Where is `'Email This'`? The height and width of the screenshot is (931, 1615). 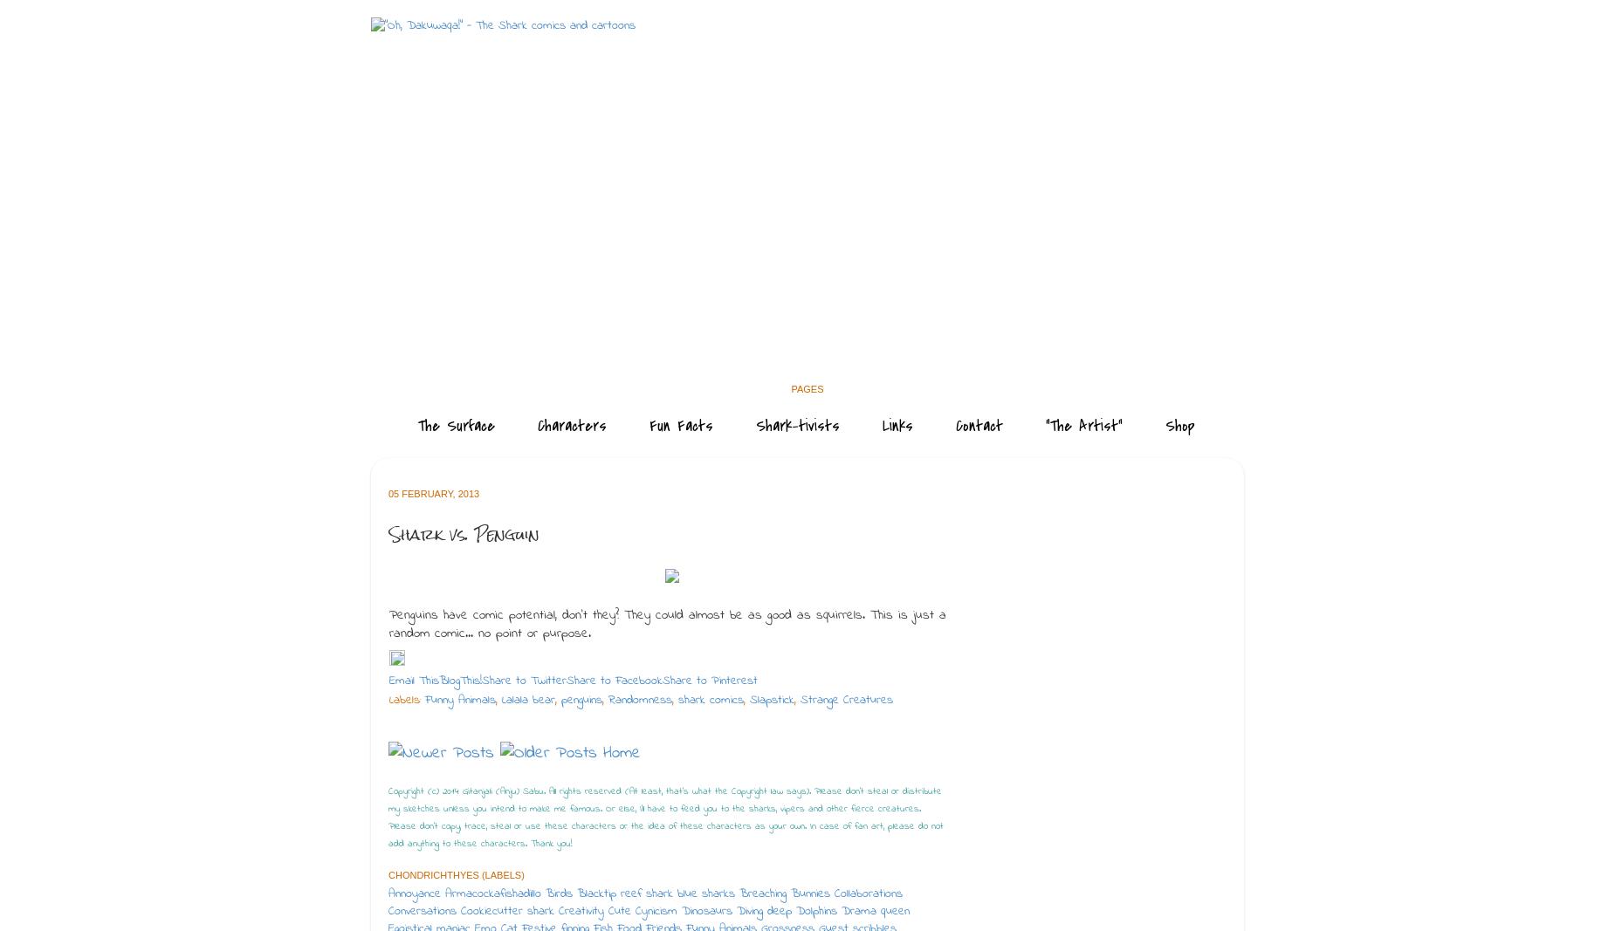
'Email This' is located at coordinates (388, 681).